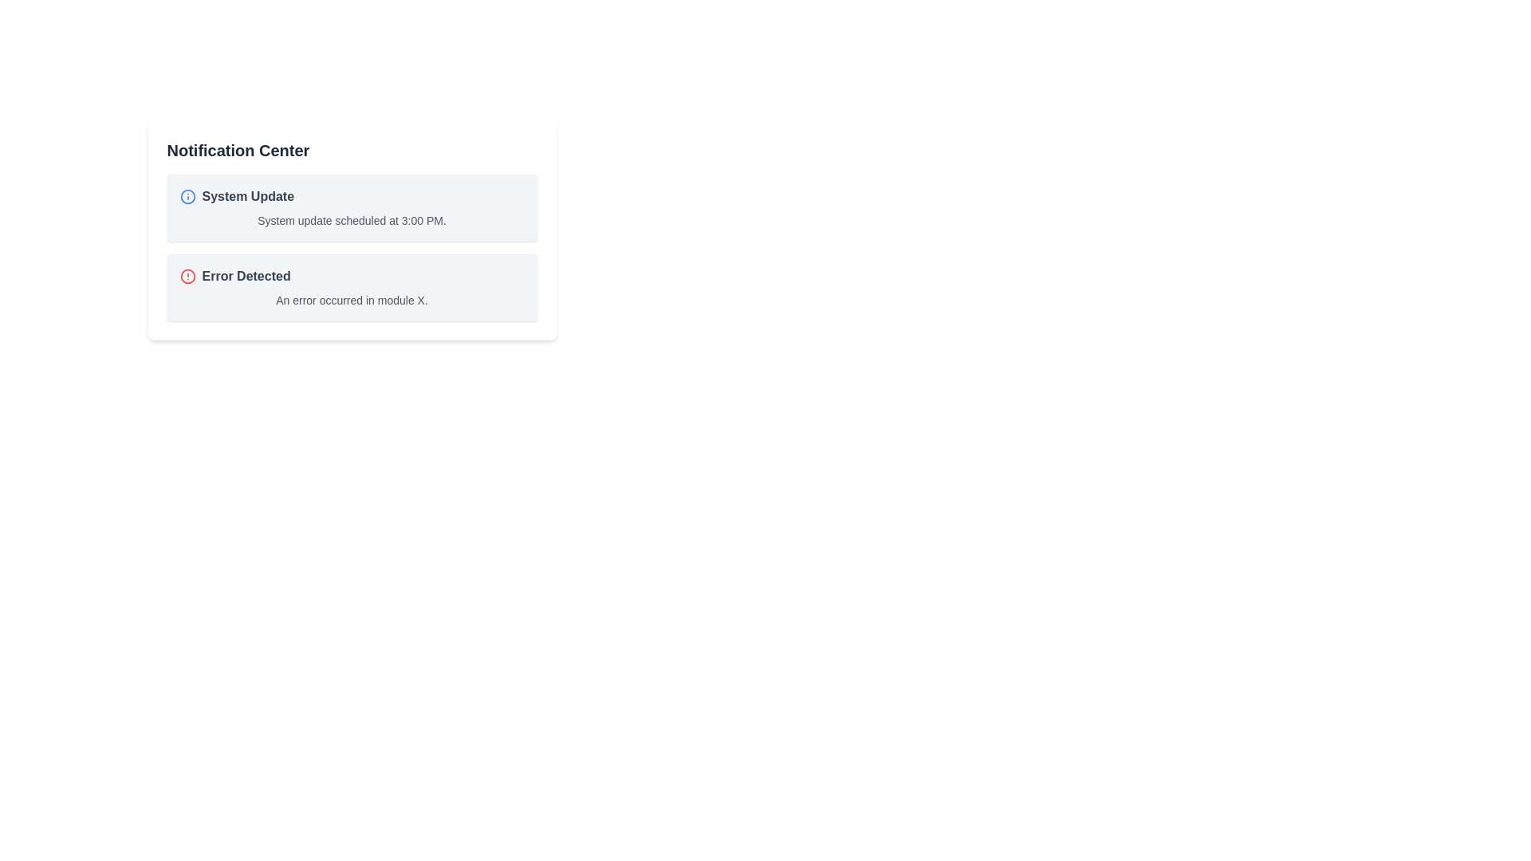  I want to click on the base circle of the 'System Update' SVG icon in the Notification Center widget, positioned to the left of the notification text, so click(187, 195).